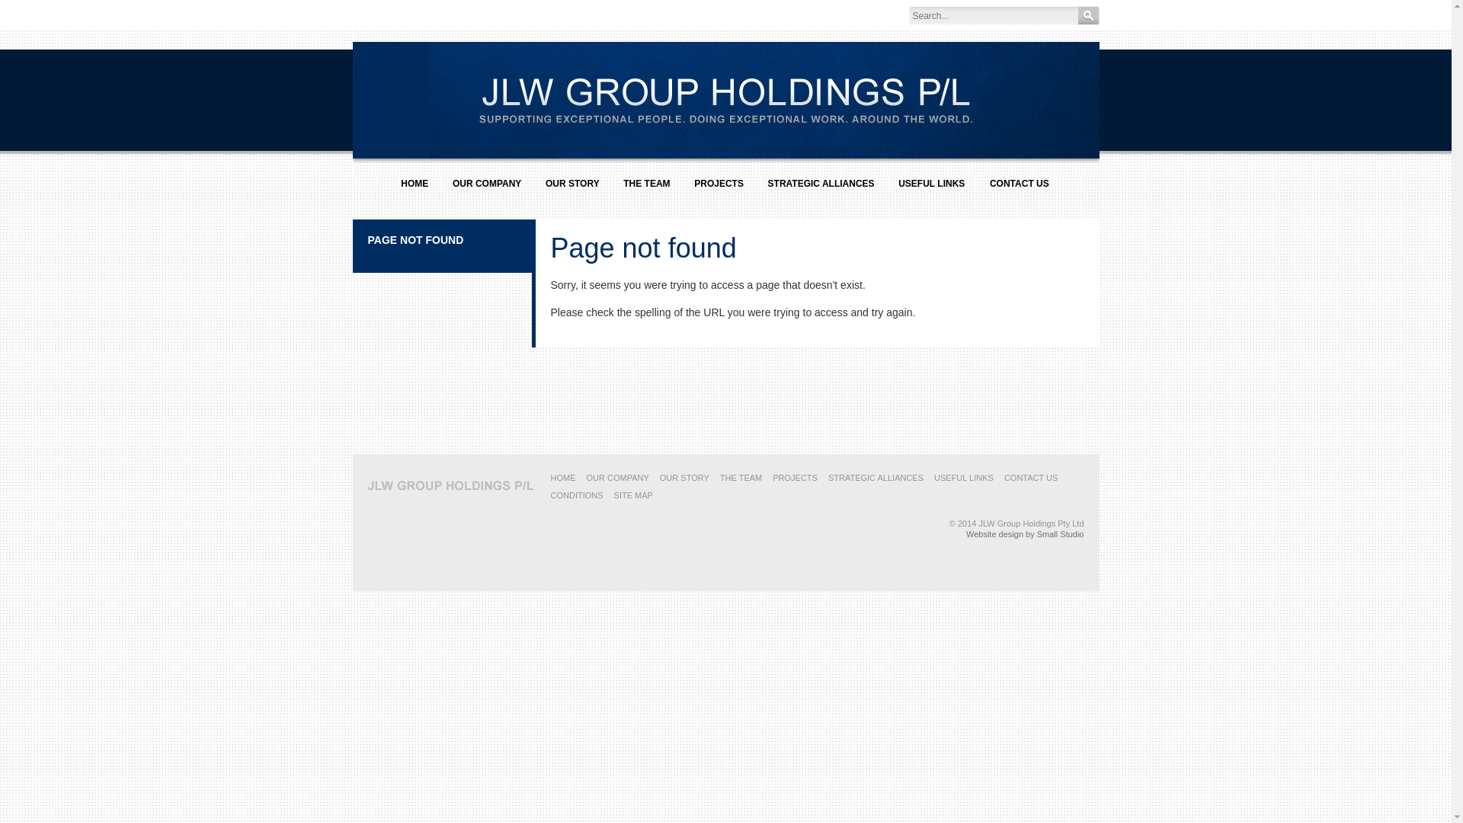 The width and height of the screenshot is (1463, 823). Describe the element at coordinates (1031, 477) in the screenshot. I see `'CONTACT US'` at that location.